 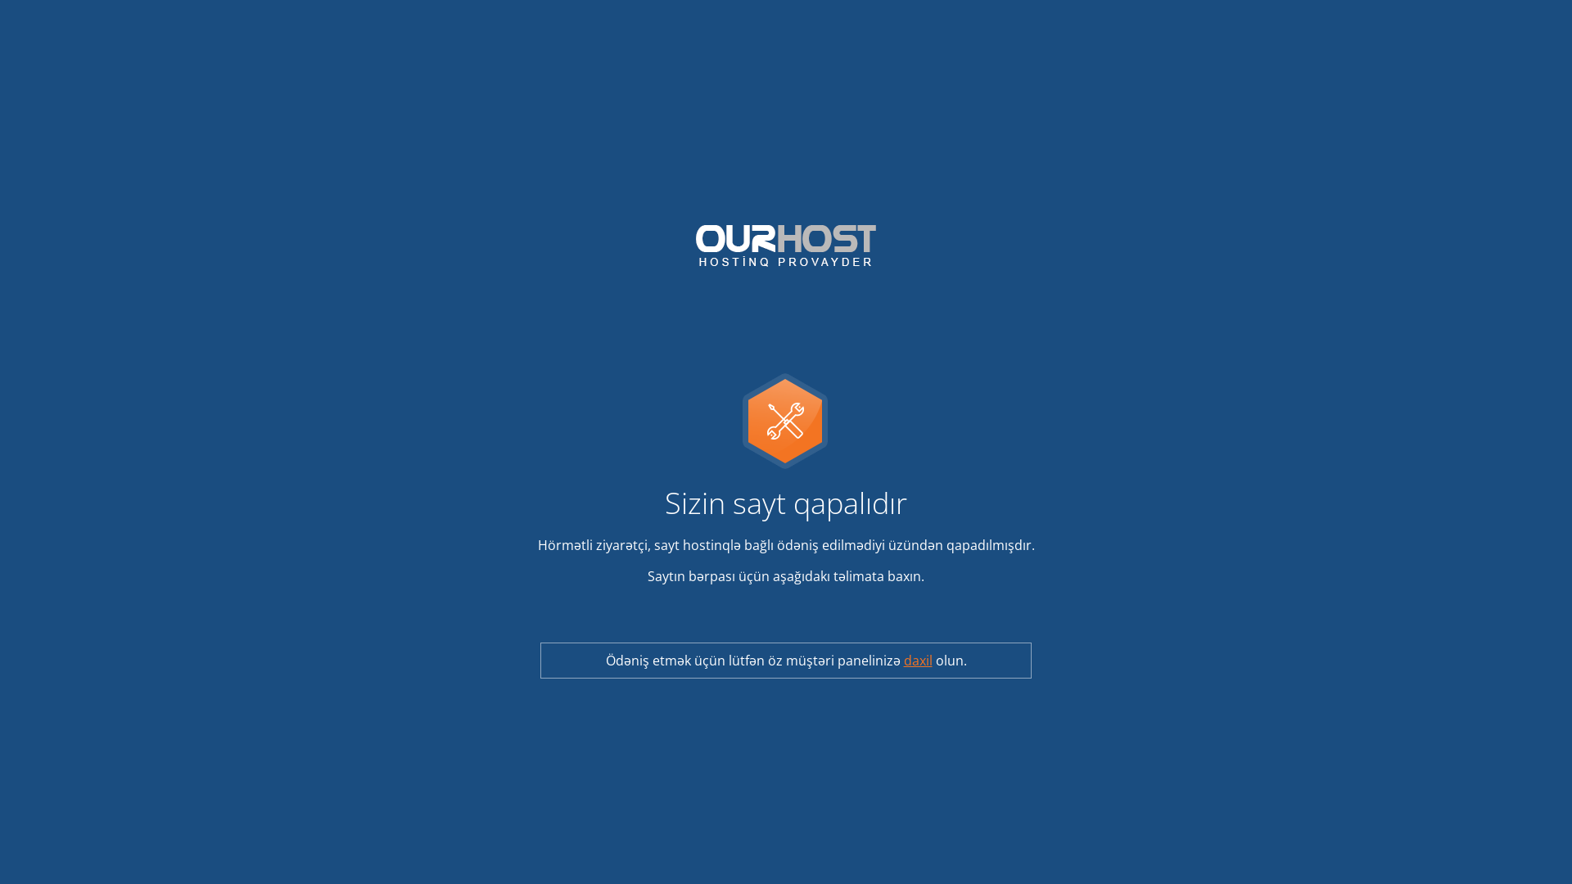 What do you see at coordinates (918, 659) in the screenshot?
I see `'daxil'` at bounding box center [918, 659].